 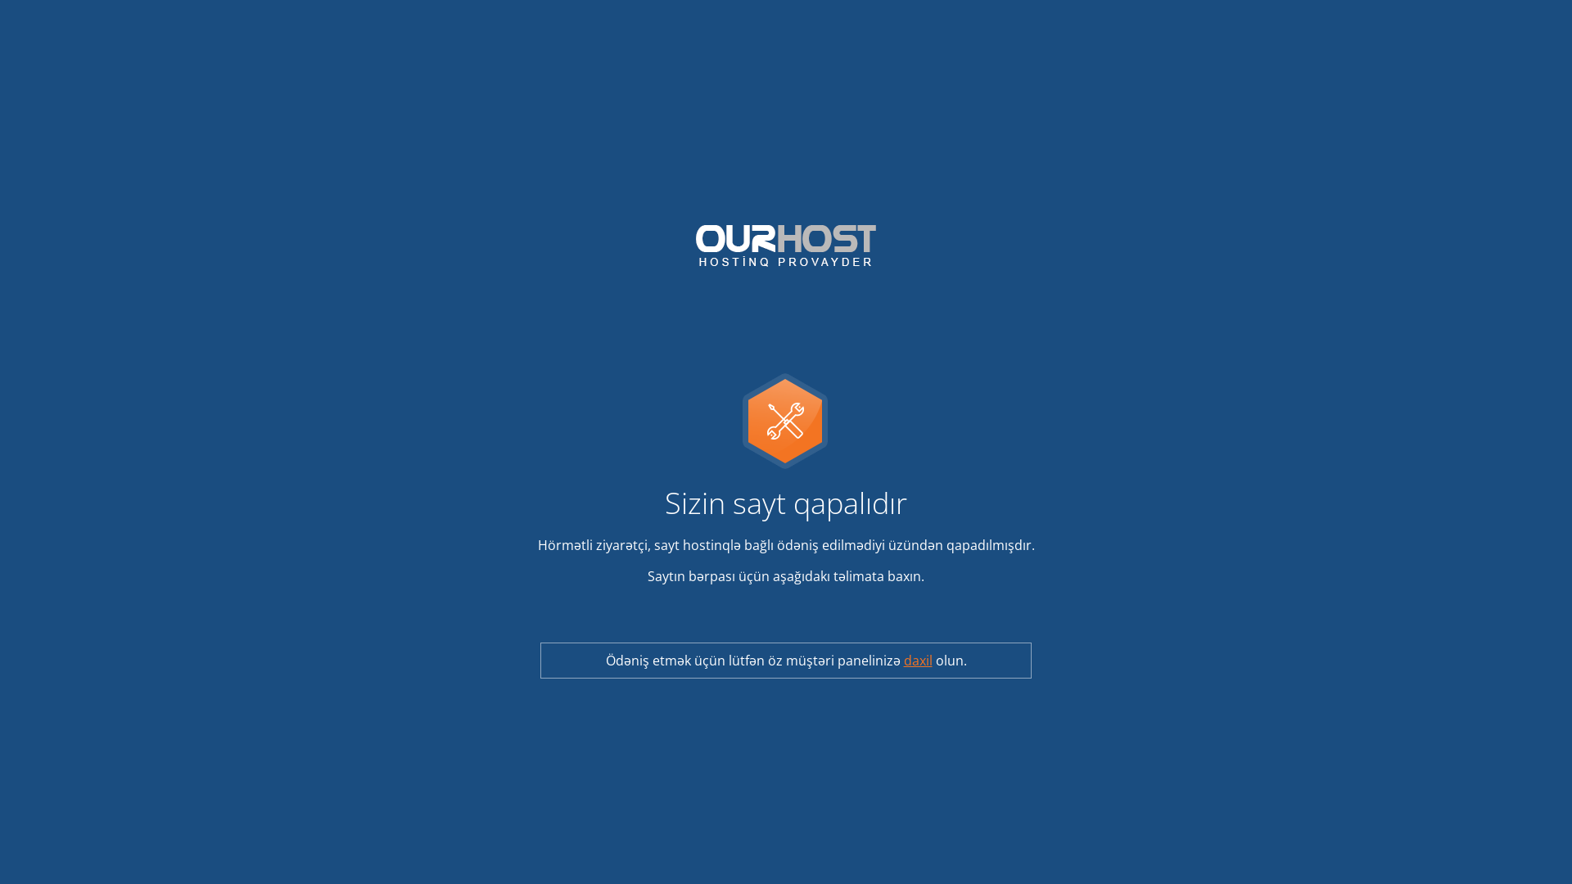 What do you see at coordinates (918, 659) in the screenshot?
I see `'daxil'` at bounding box center [918, 659].